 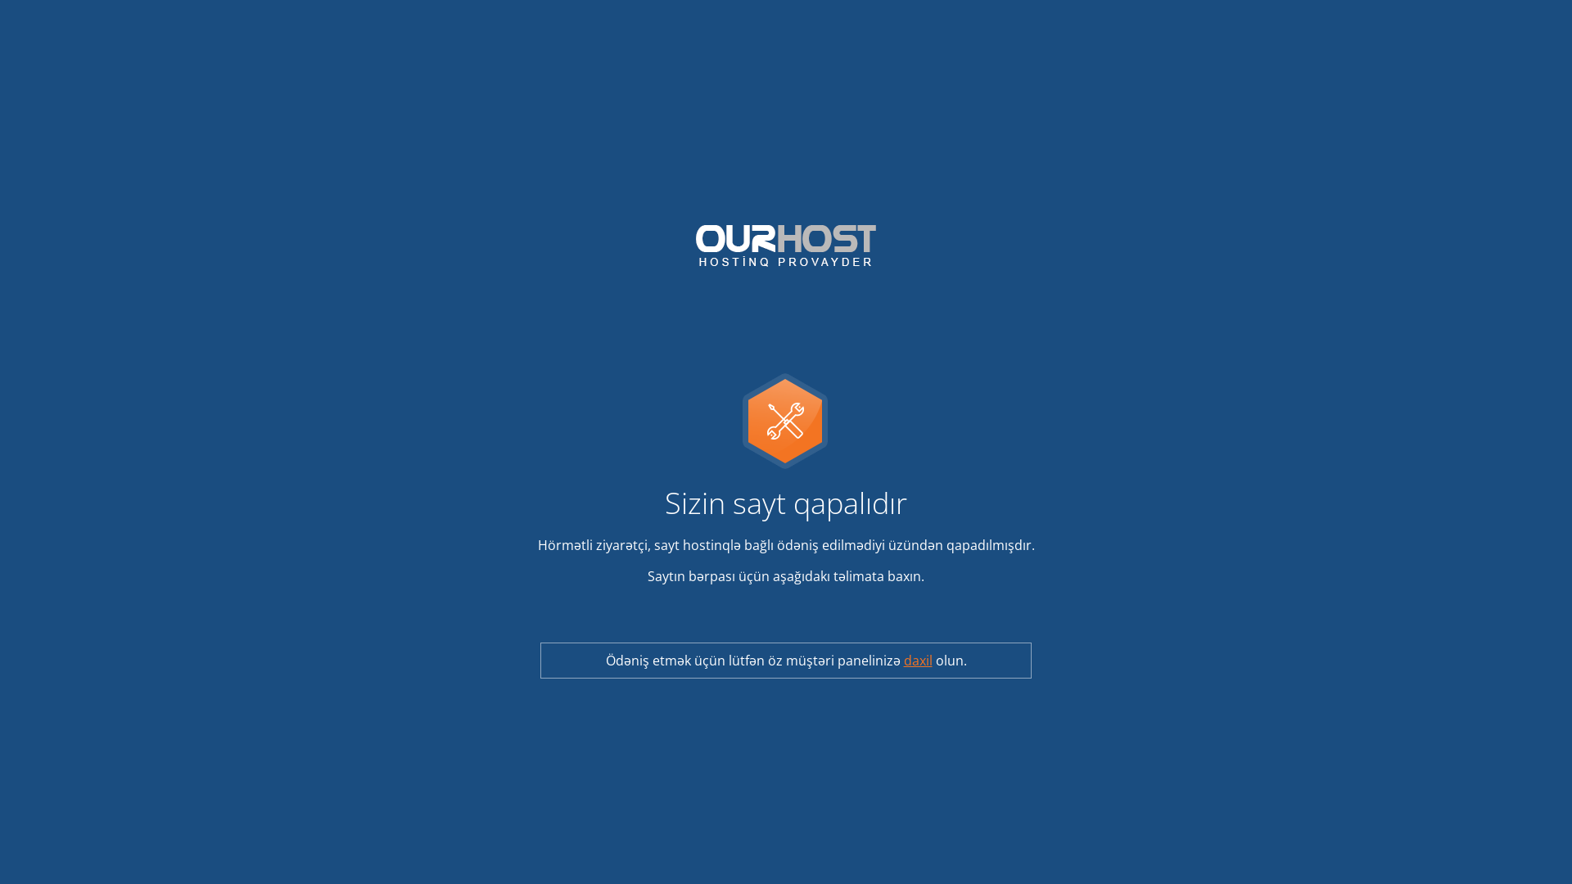 What do you see at coordinates (918, 659) in the screenshot?
I see `'daxil'` at bounding box center [918, 659].